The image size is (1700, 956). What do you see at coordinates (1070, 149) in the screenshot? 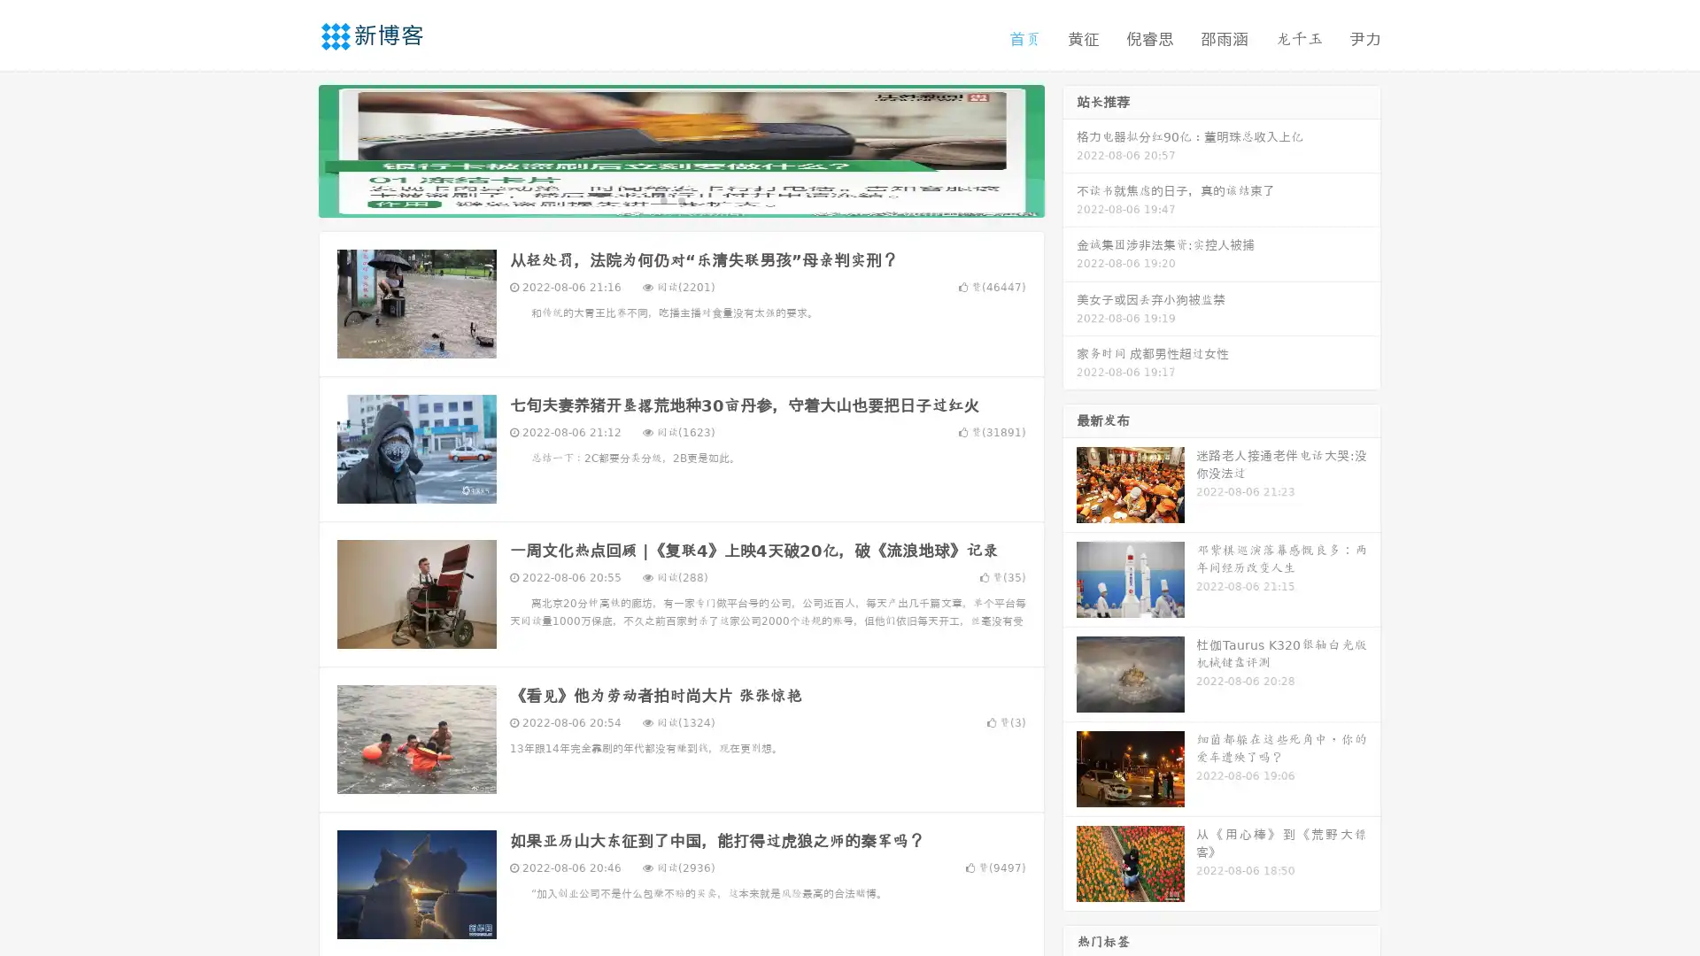
I see `Next slide` at bounding box center [1070, 149].